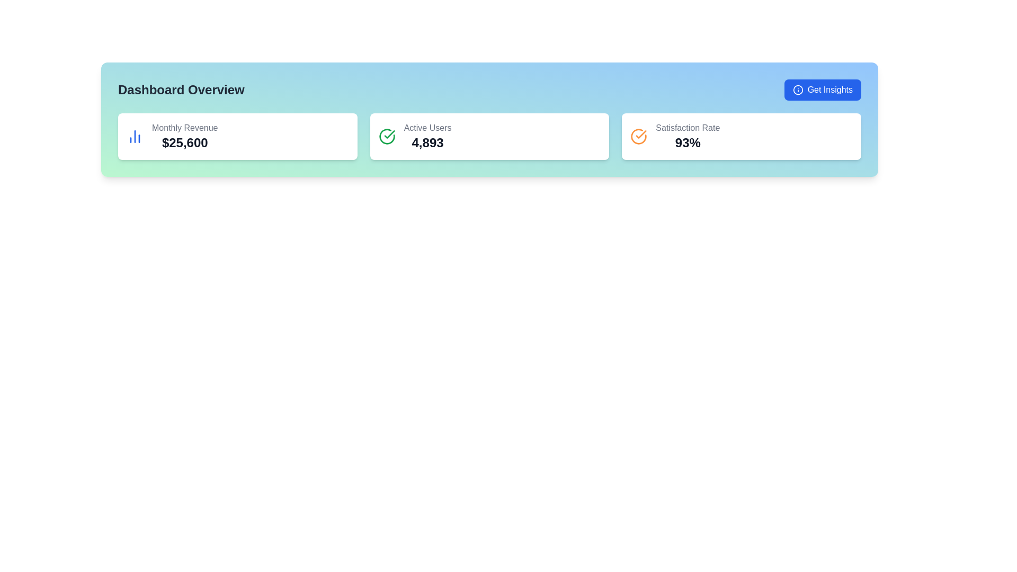 The width and height of the screenshot is (1017, 572). I want to click on the monthly revenue metric information card displayed on the dashboard overview, which shows '$25,600' and is the first card in a grid layout, so click(237, 136).